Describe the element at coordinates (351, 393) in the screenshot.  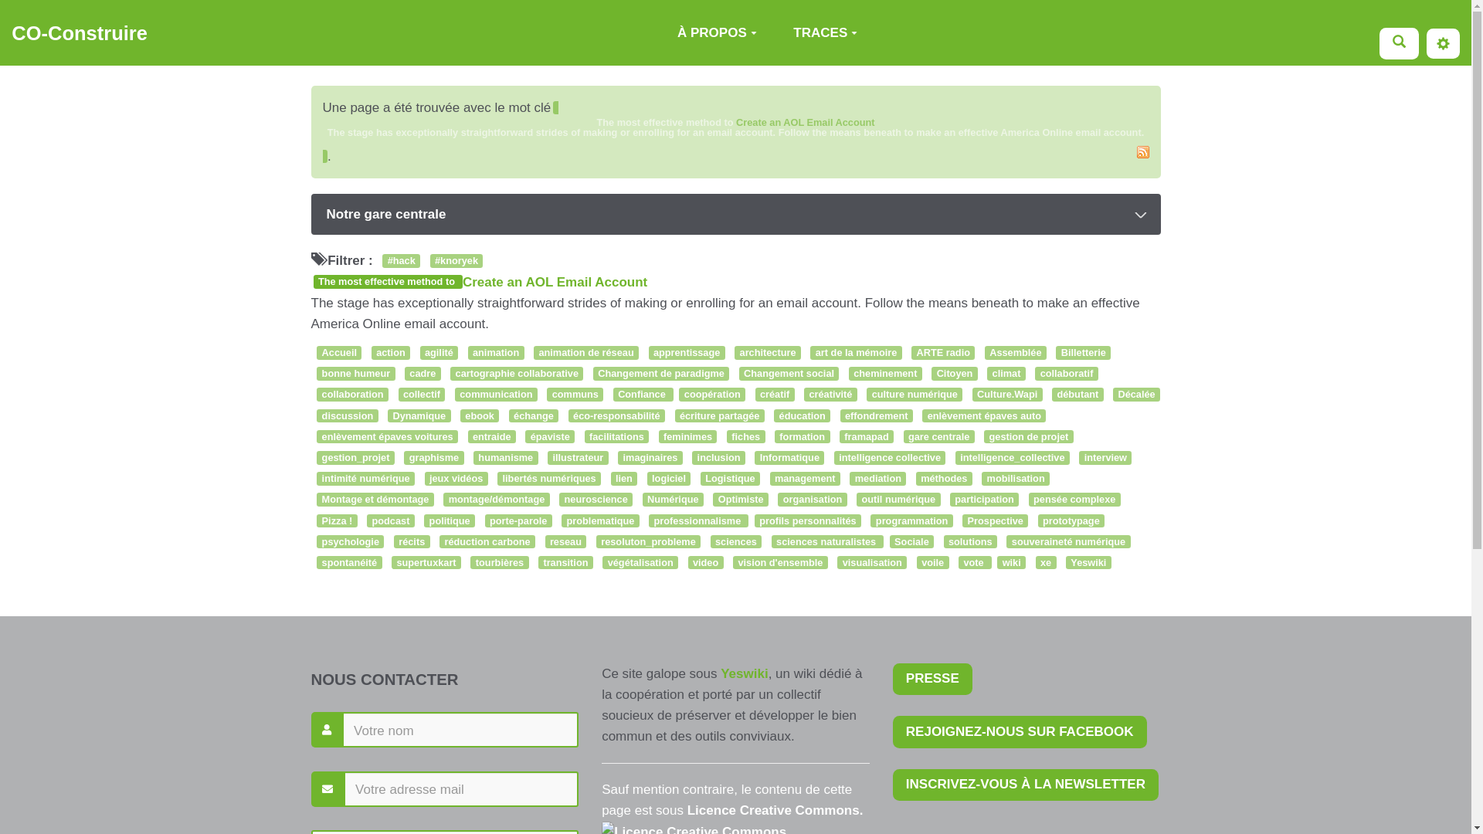
I see `'collaboration'` at that location.